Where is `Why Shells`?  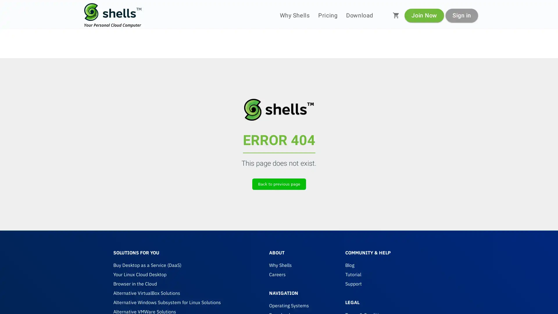 Why Shells is located at coordinates (294, 15).